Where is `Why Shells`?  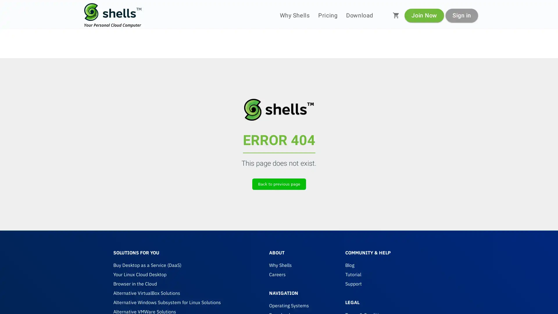 Why Shells is located at coordinates (294, 15).